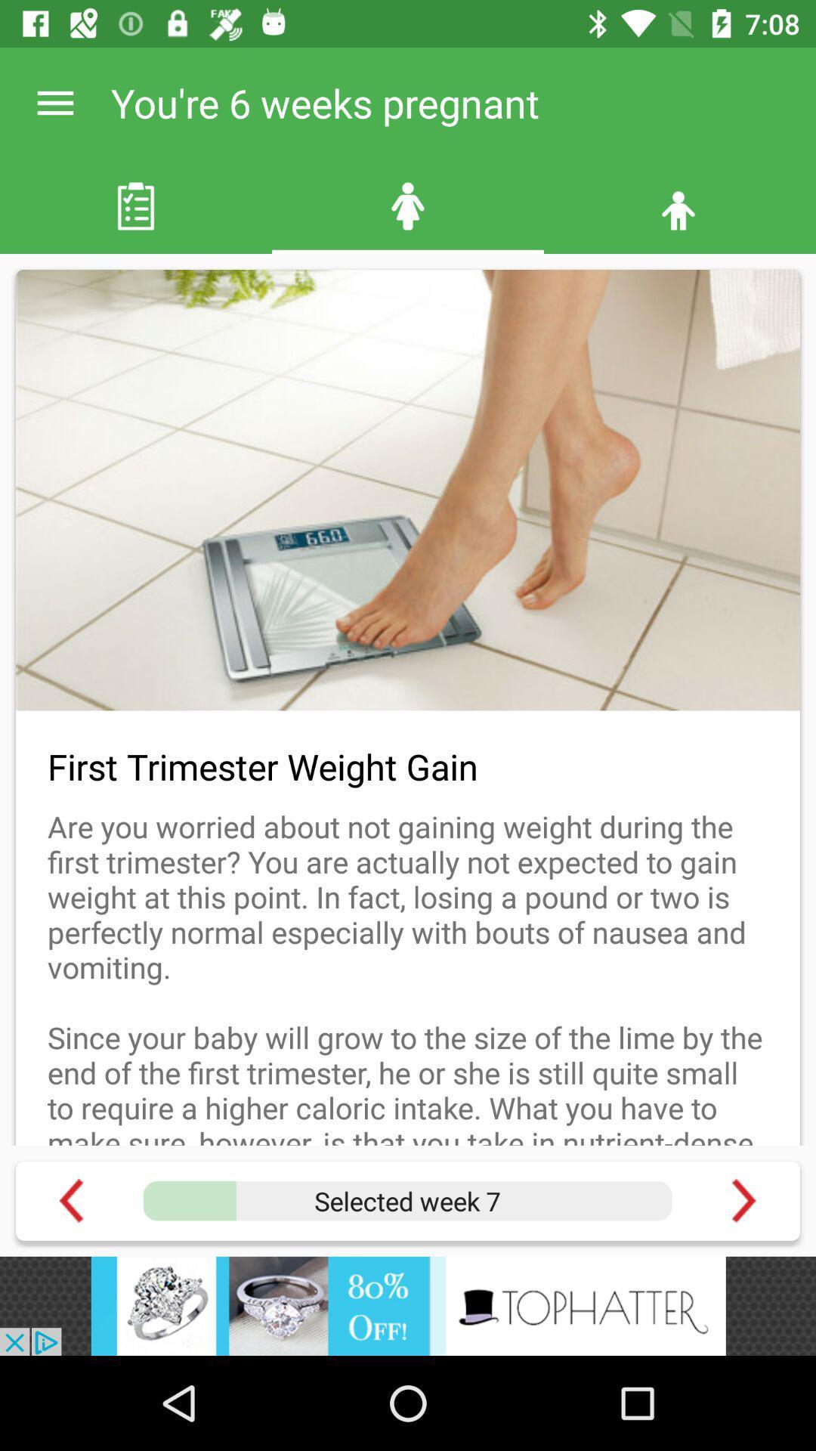 Image resolution: width=816 pixels, height=1451 pixels. I want to click on week, so click(406, 1200).